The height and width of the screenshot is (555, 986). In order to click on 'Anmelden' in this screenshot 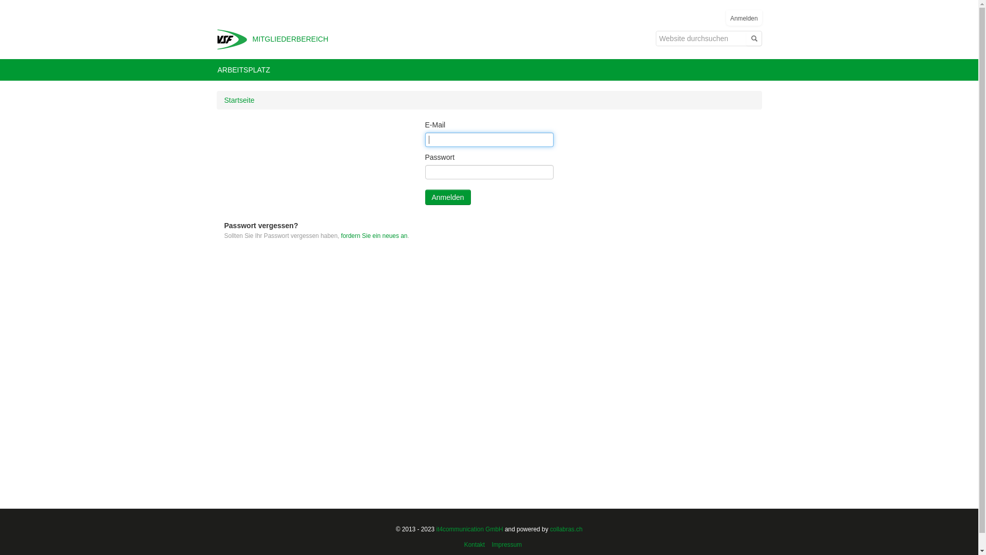, I will do `click(744, 17)`.